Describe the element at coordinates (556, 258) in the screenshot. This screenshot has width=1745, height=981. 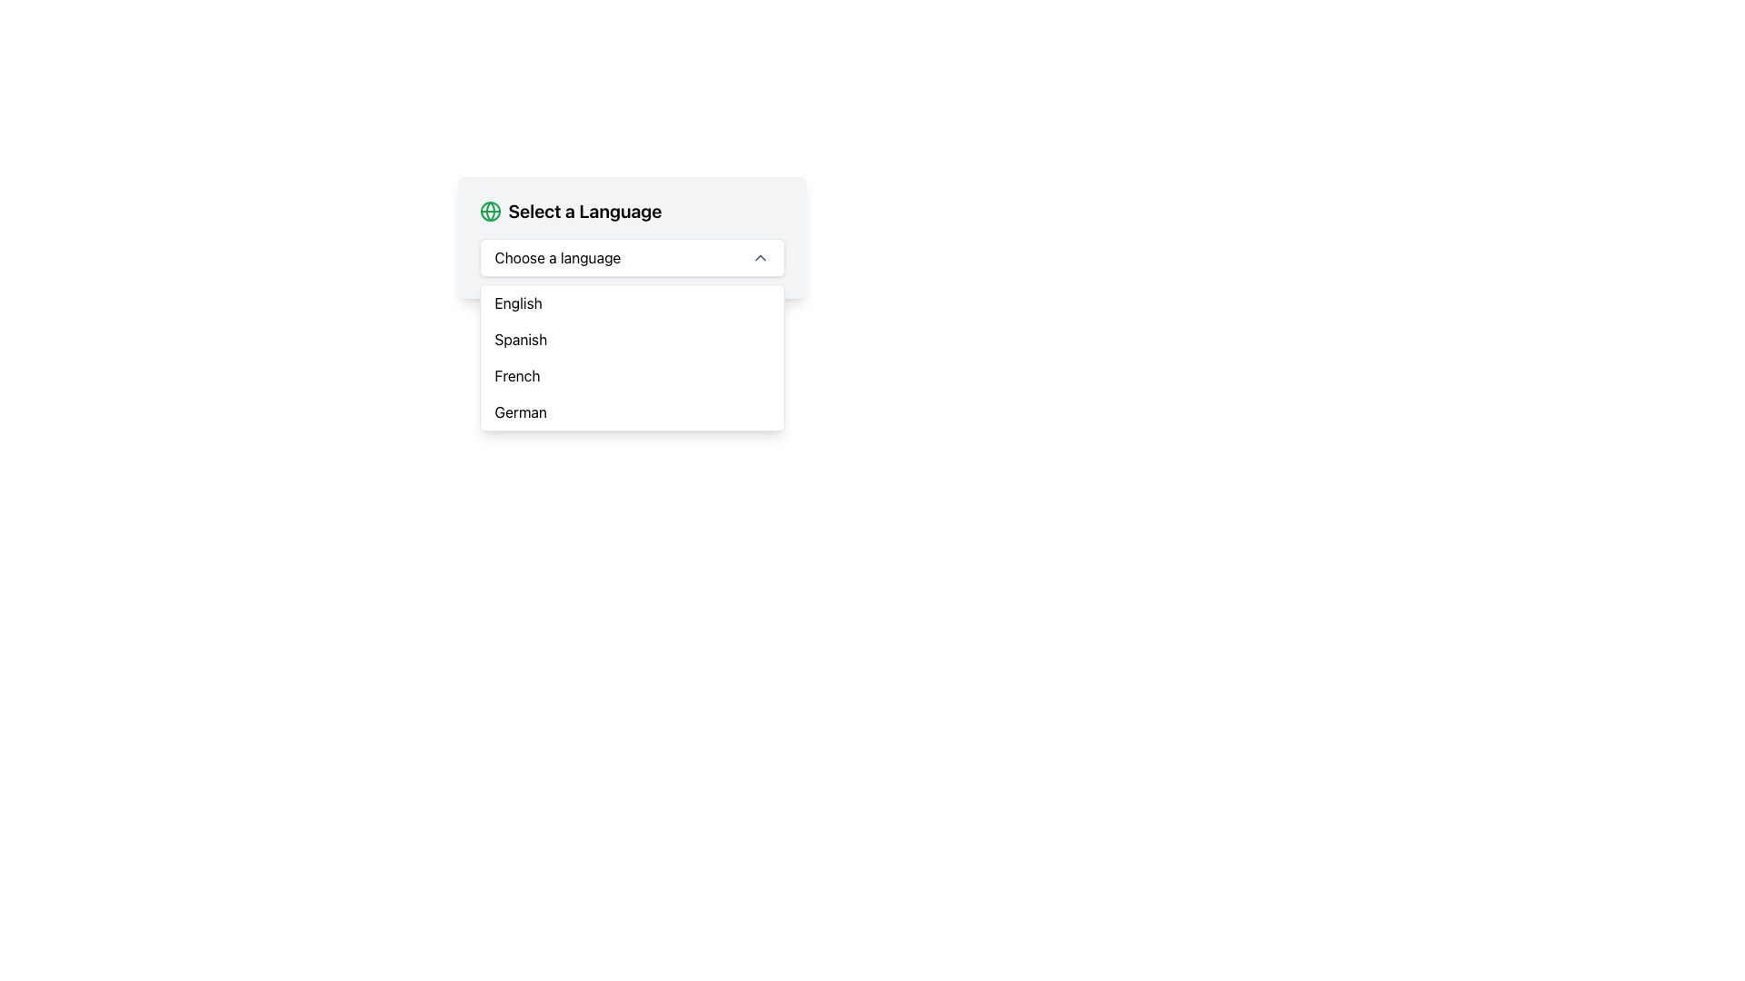
I see `the Text Display element that guides the user to select a language from the dropdown menu, which is positioned to the left of the chevron icon` at that location.